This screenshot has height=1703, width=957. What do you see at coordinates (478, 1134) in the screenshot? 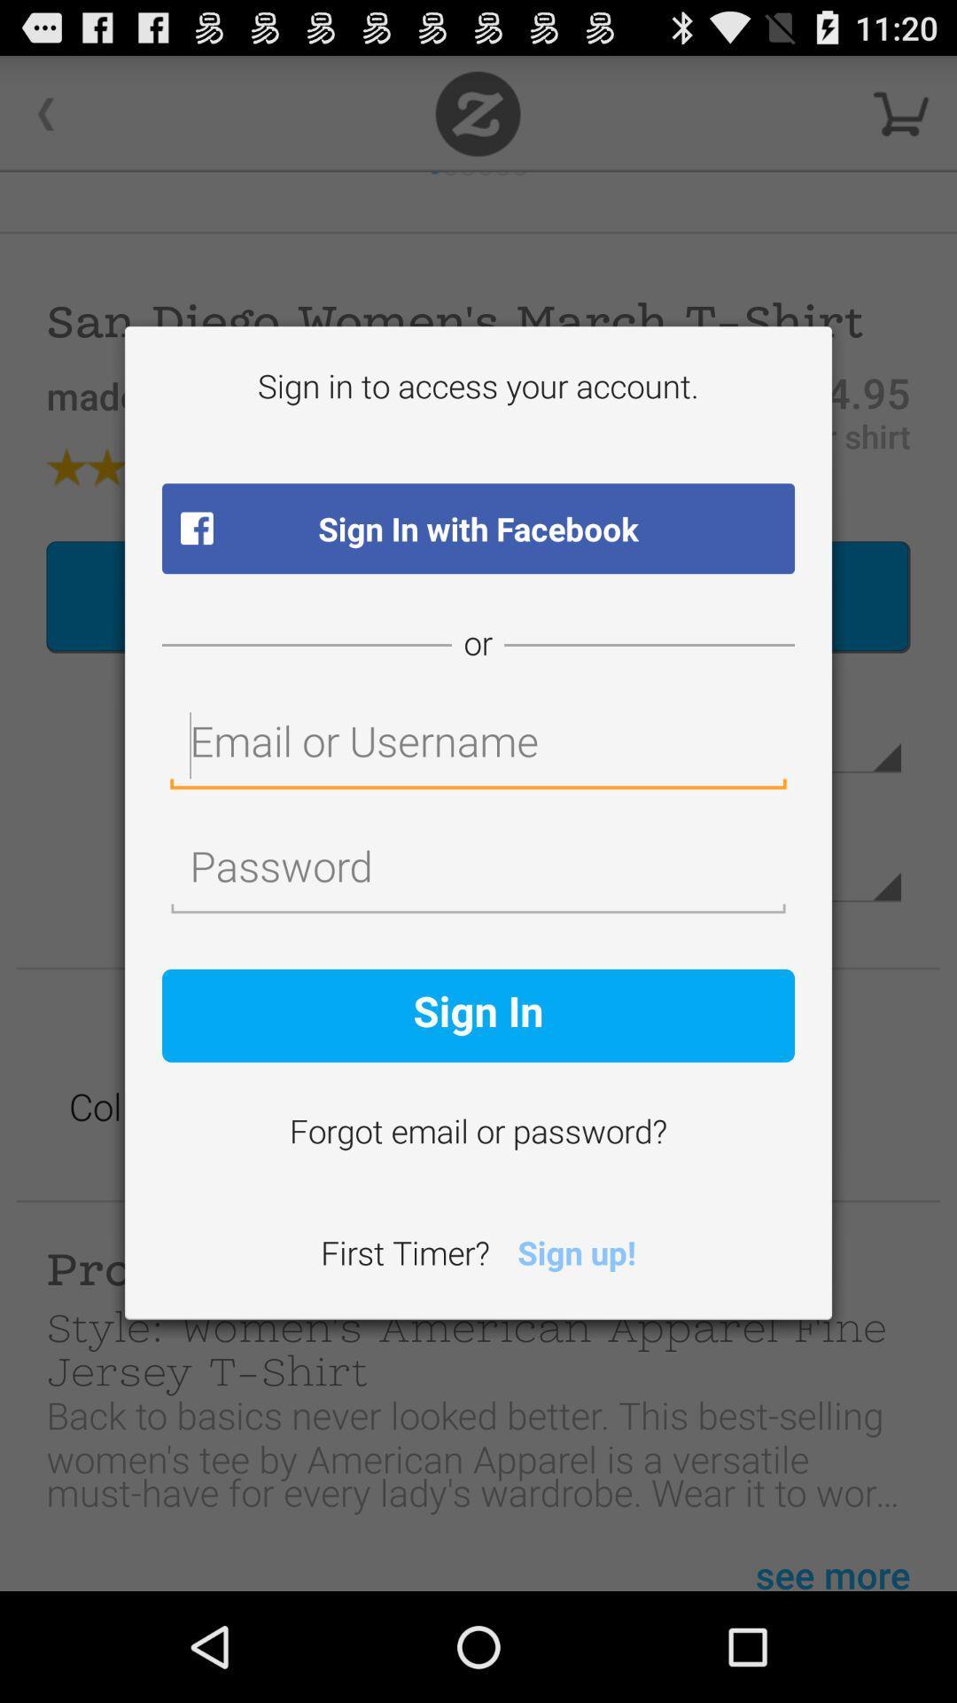
I see `the icon above the first timer? item` at bounding box center [478, 1134].